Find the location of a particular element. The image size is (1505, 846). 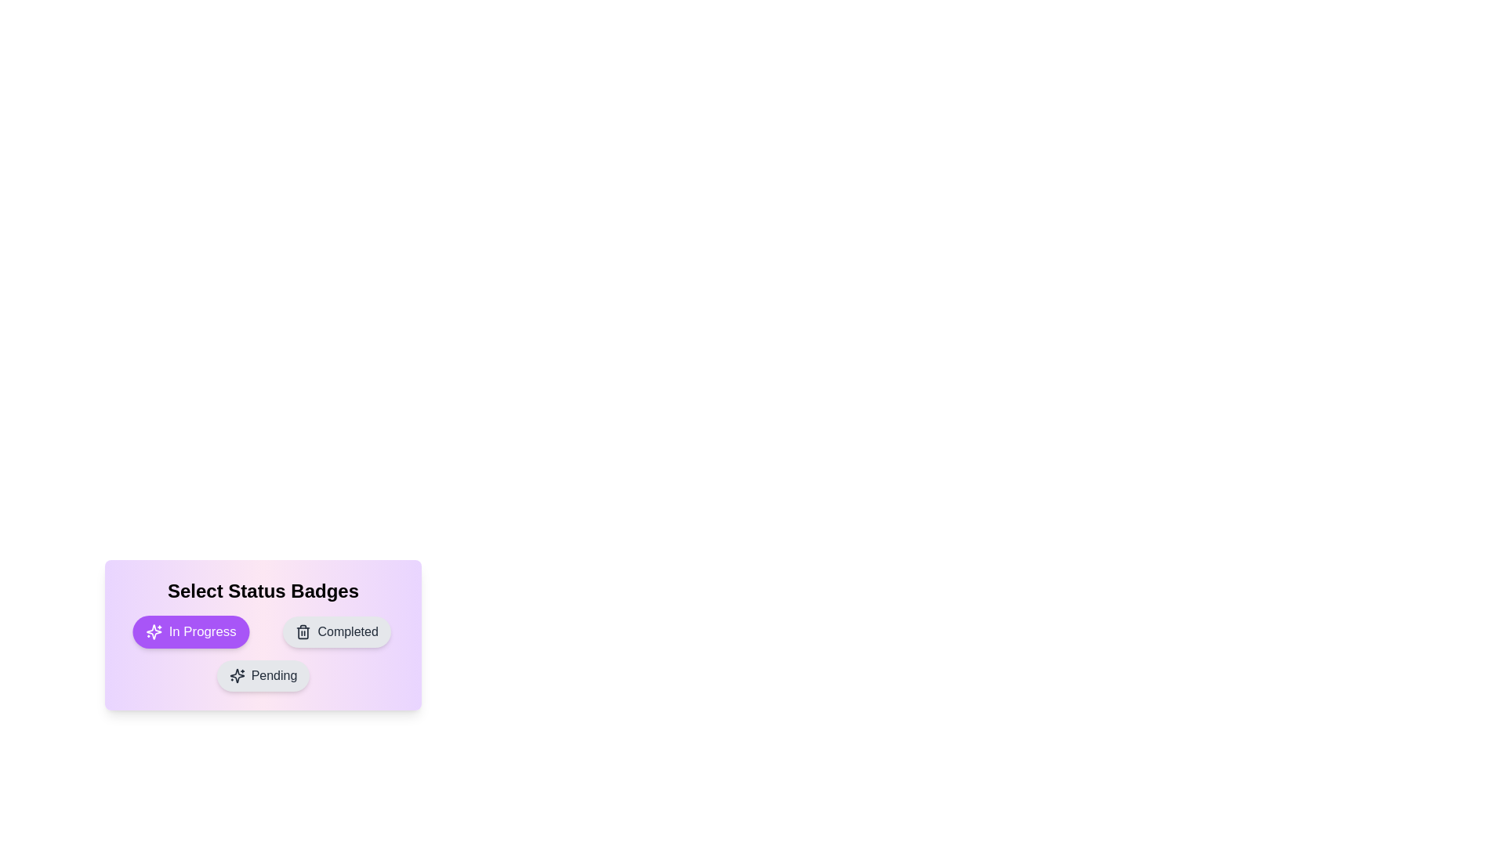

the badge labeled Pending is located at coordinates (263, 675).